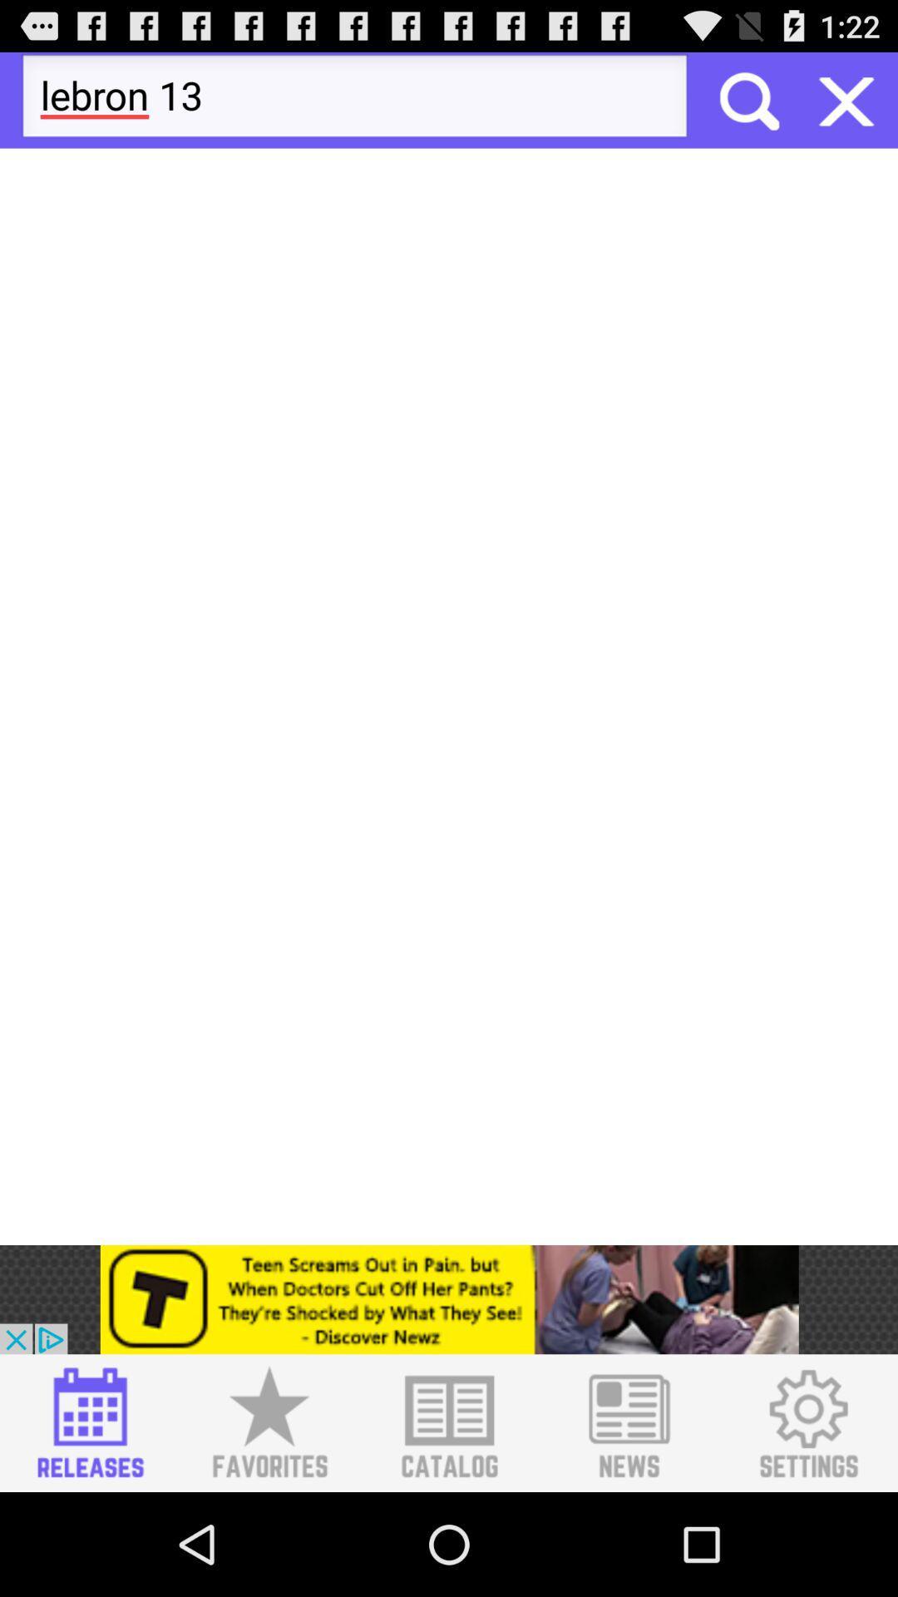 The width and height of the screenshot is (898, 1597). What do you see at coordinates (90, 1422) in the screenshot?
I see `advertisement` at bounding box center [90, 1422].